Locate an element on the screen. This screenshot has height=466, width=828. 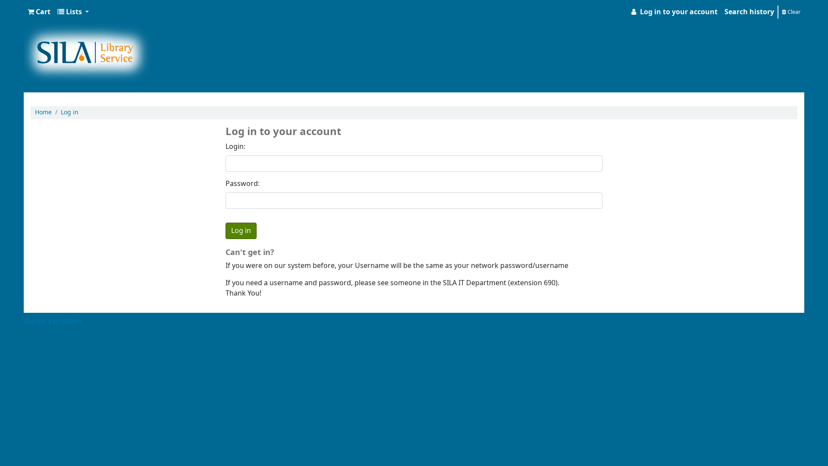
'Log in' is located at coordinates (241, 230).